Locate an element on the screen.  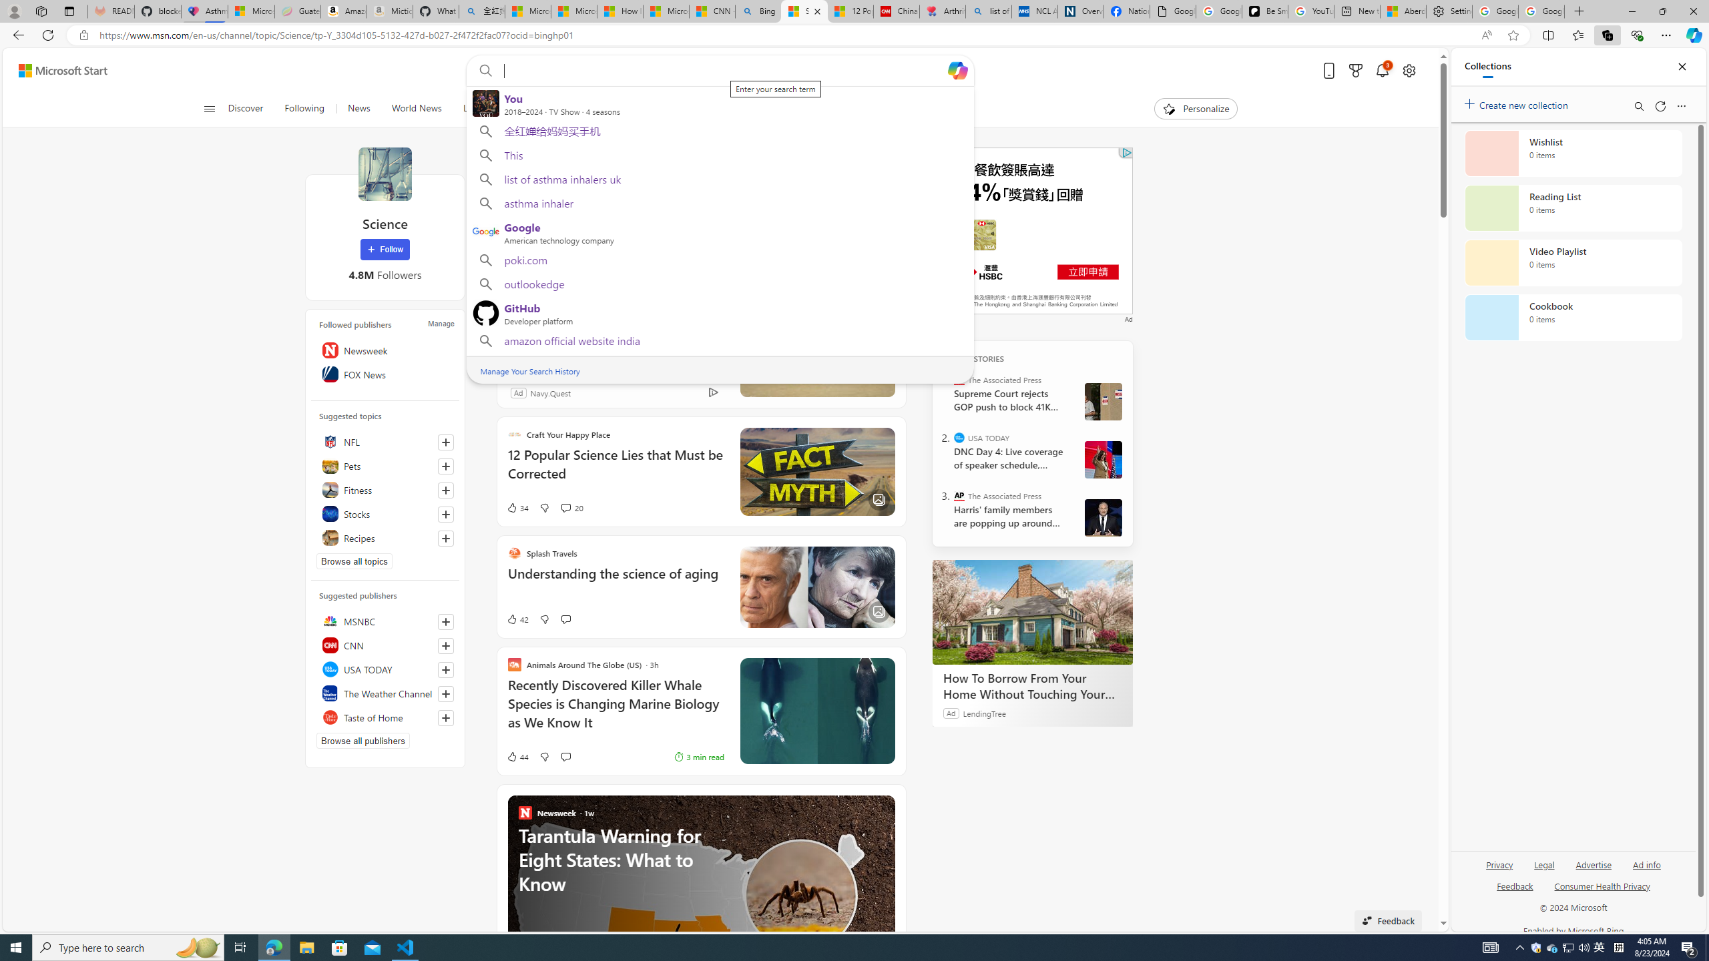
'Google Analytics Opt-out Browser Add-on Download Page' is located at coordinates (1172, 11).